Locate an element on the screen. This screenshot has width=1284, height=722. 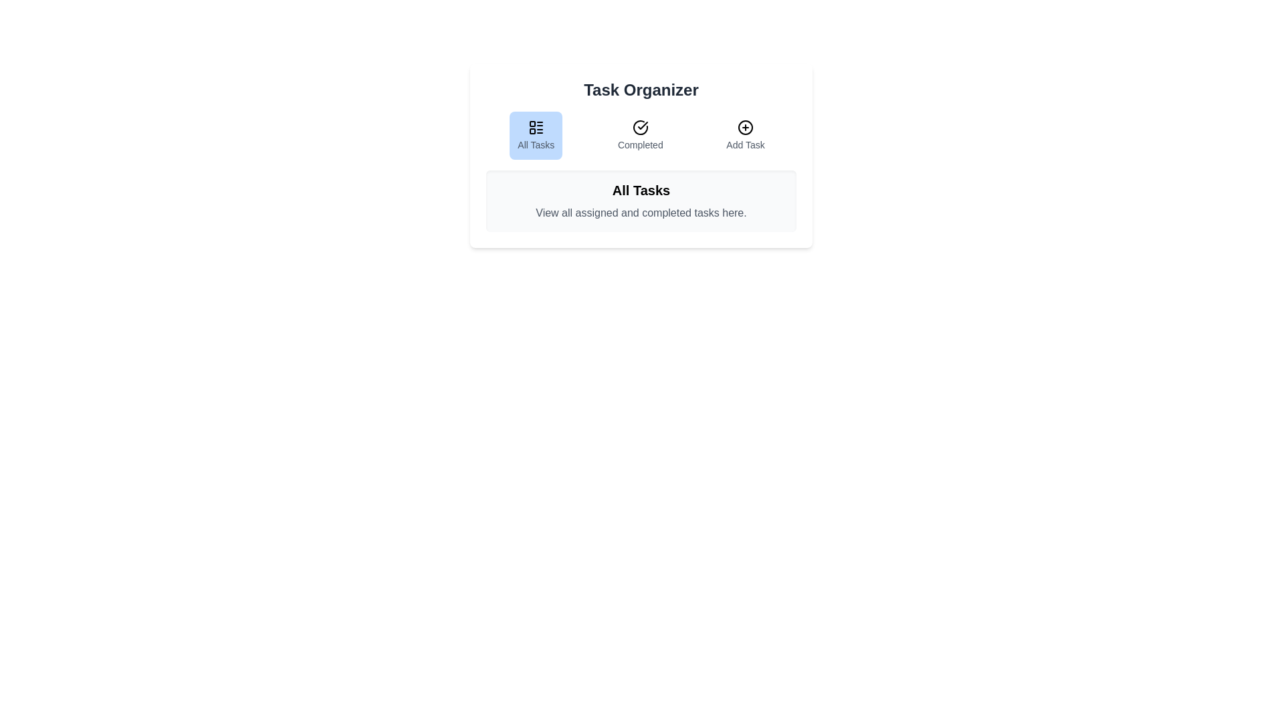
the tab labeled Completed is located at coordinates (639, 136).